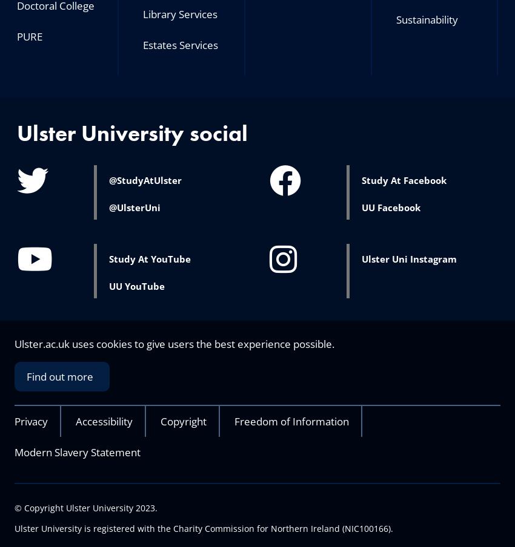  I want to click on 'Study At Facebook', so click(404, 180).